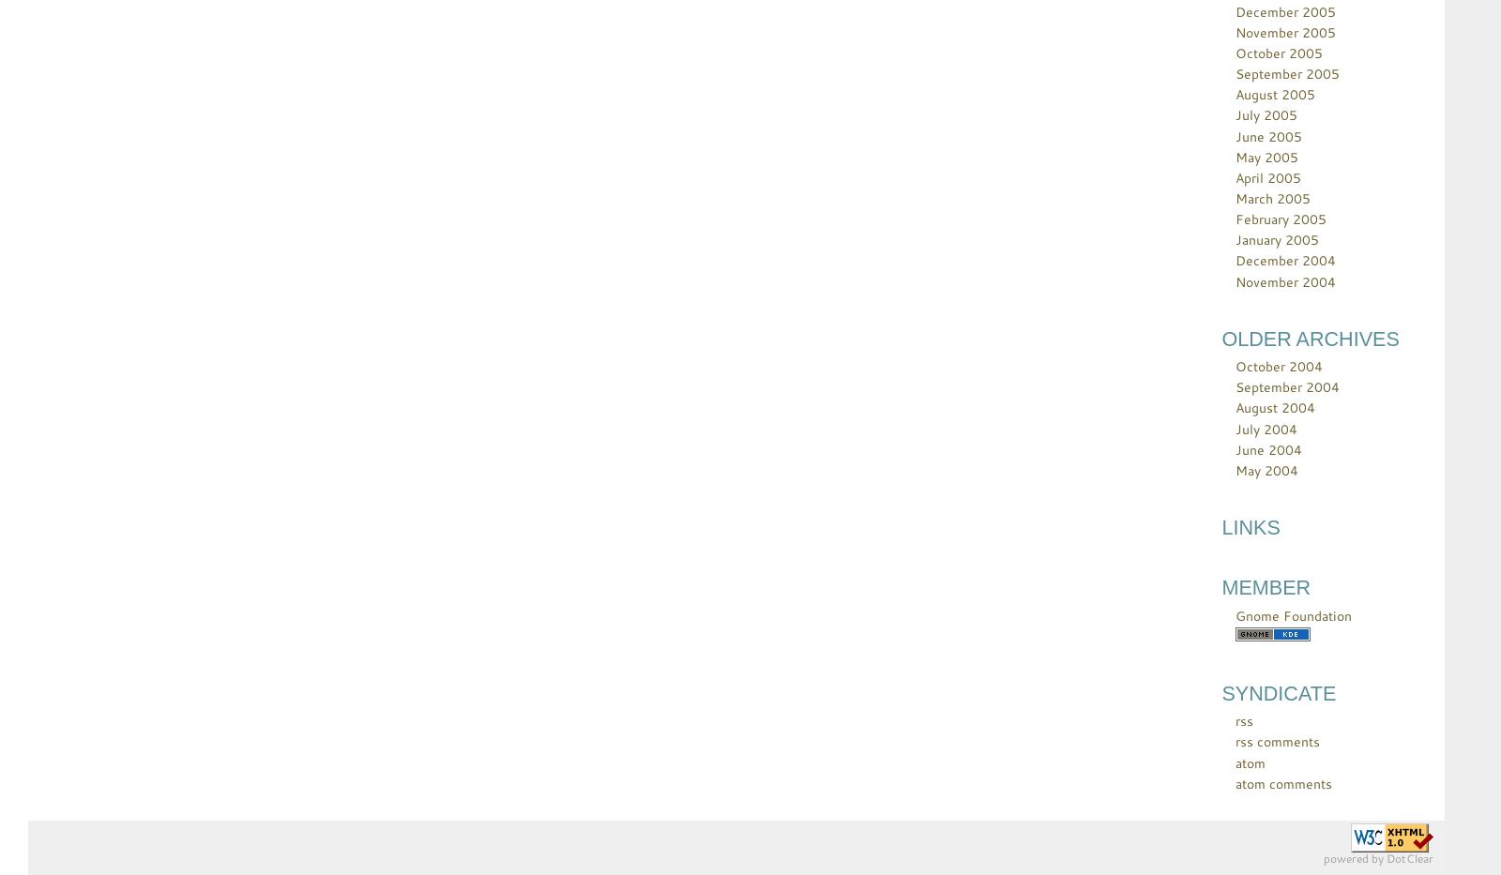 This screenshot has height=875, width=1501. I want to click on 'August 2004', so click(1274, 406).